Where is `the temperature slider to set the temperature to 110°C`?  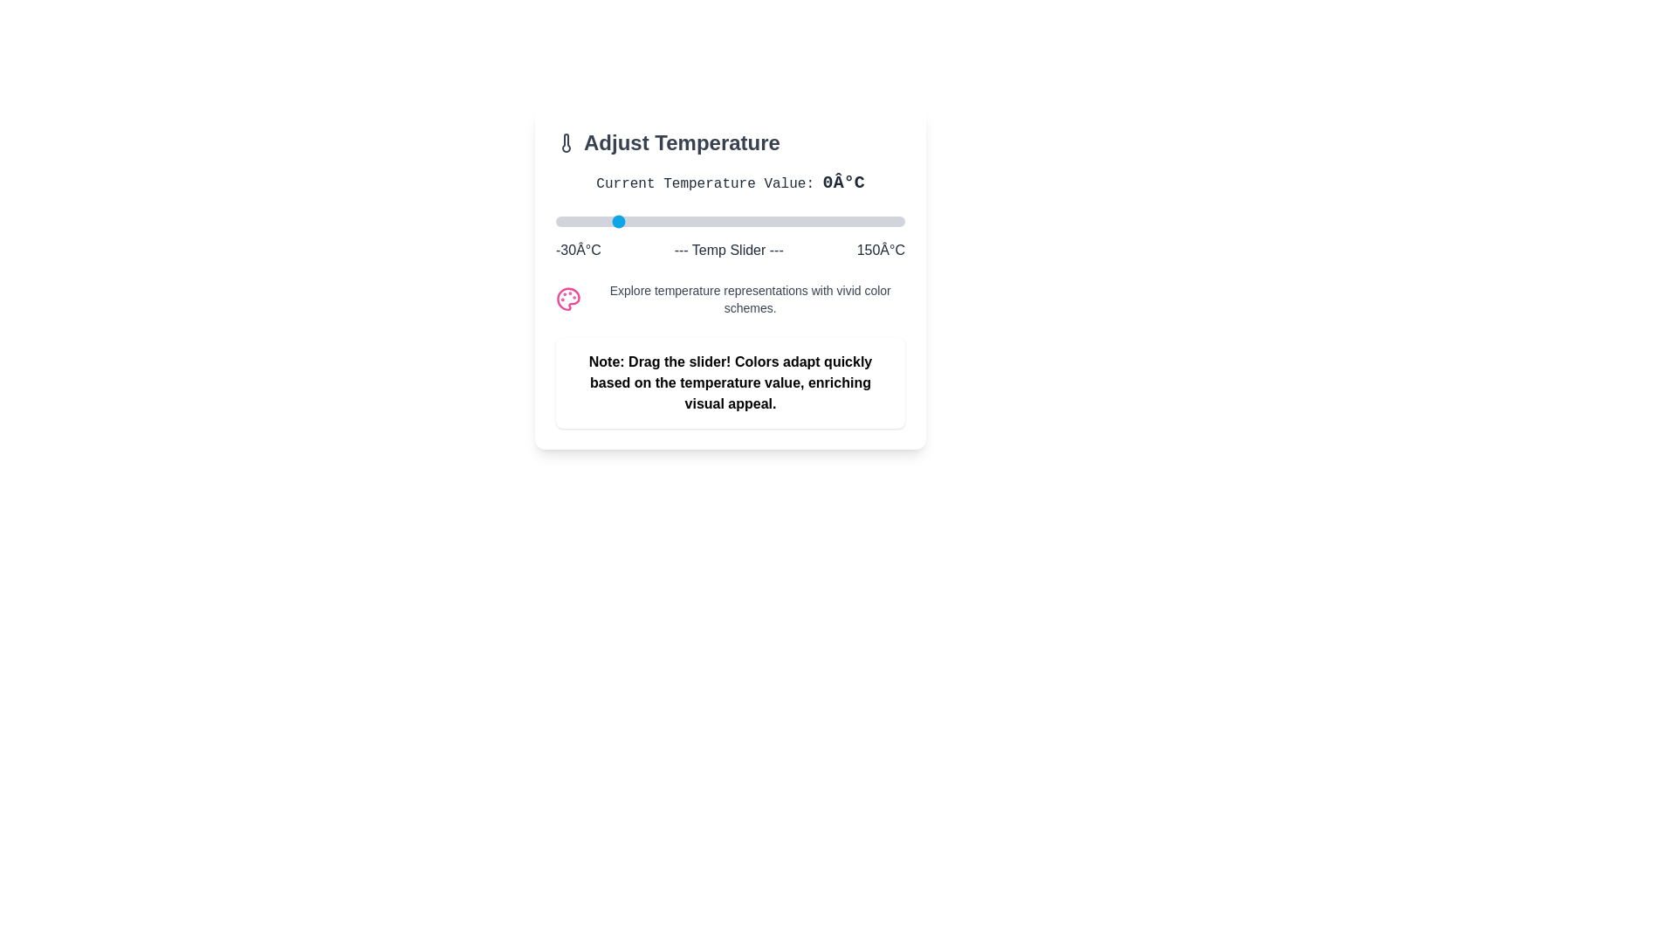
the temperature slider to set the temperature to 110°C is located at coordinates (827, 221).